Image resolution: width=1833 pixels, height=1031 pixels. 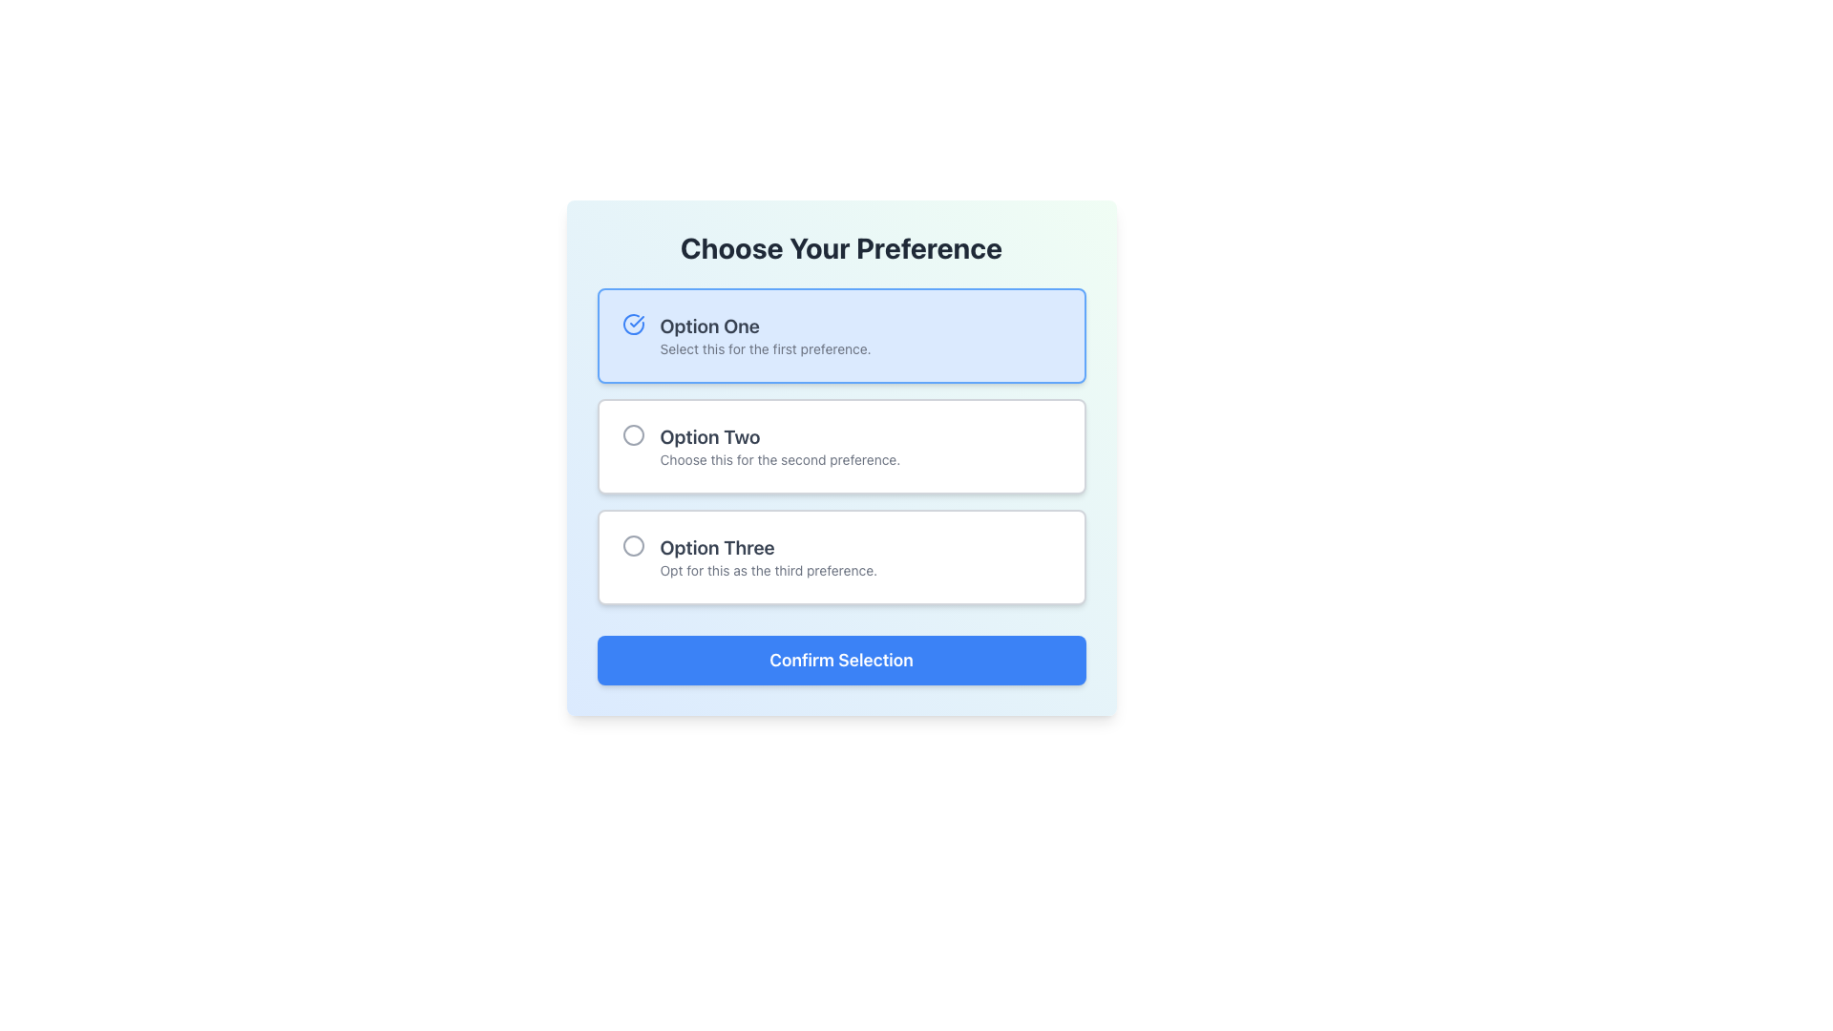 I want to click on helper text below the title 'Option Three', which provides supplemental information about this selection, so click(x=769, y=569).